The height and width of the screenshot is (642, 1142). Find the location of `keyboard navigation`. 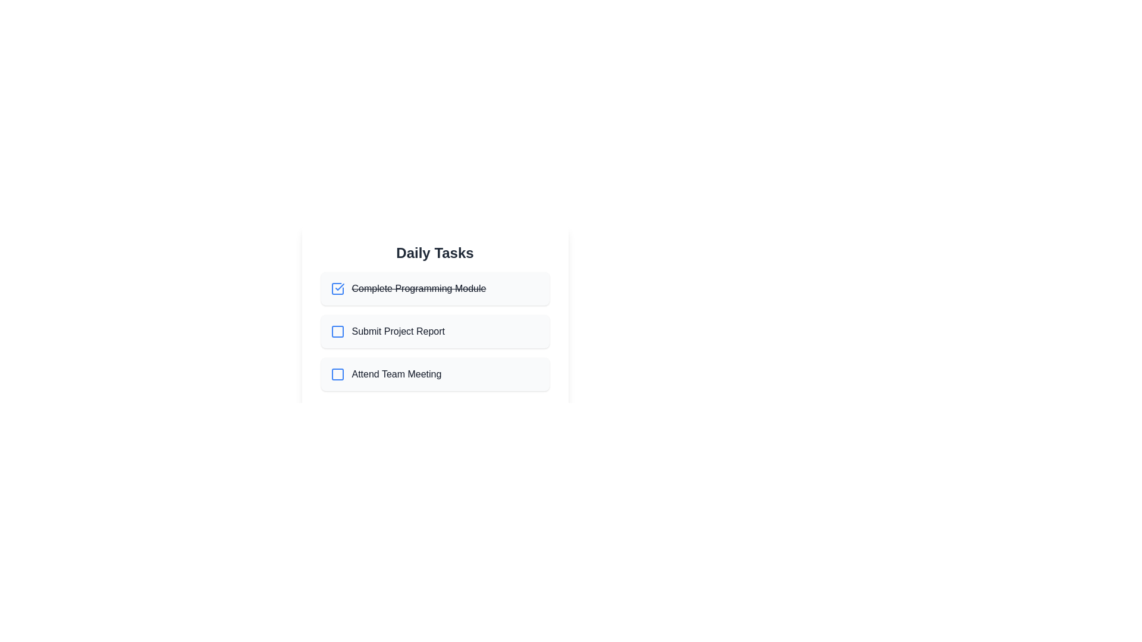

keyboard navigation is located at coordinates (337, 373).